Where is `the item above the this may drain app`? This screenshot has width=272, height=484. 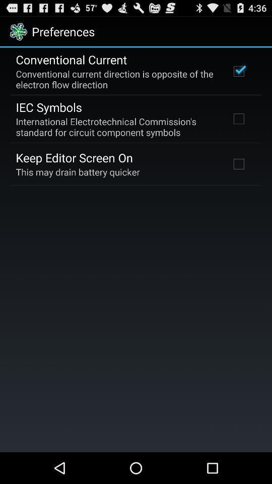
the item above the this may drain app is located at coordinates (74, 157).